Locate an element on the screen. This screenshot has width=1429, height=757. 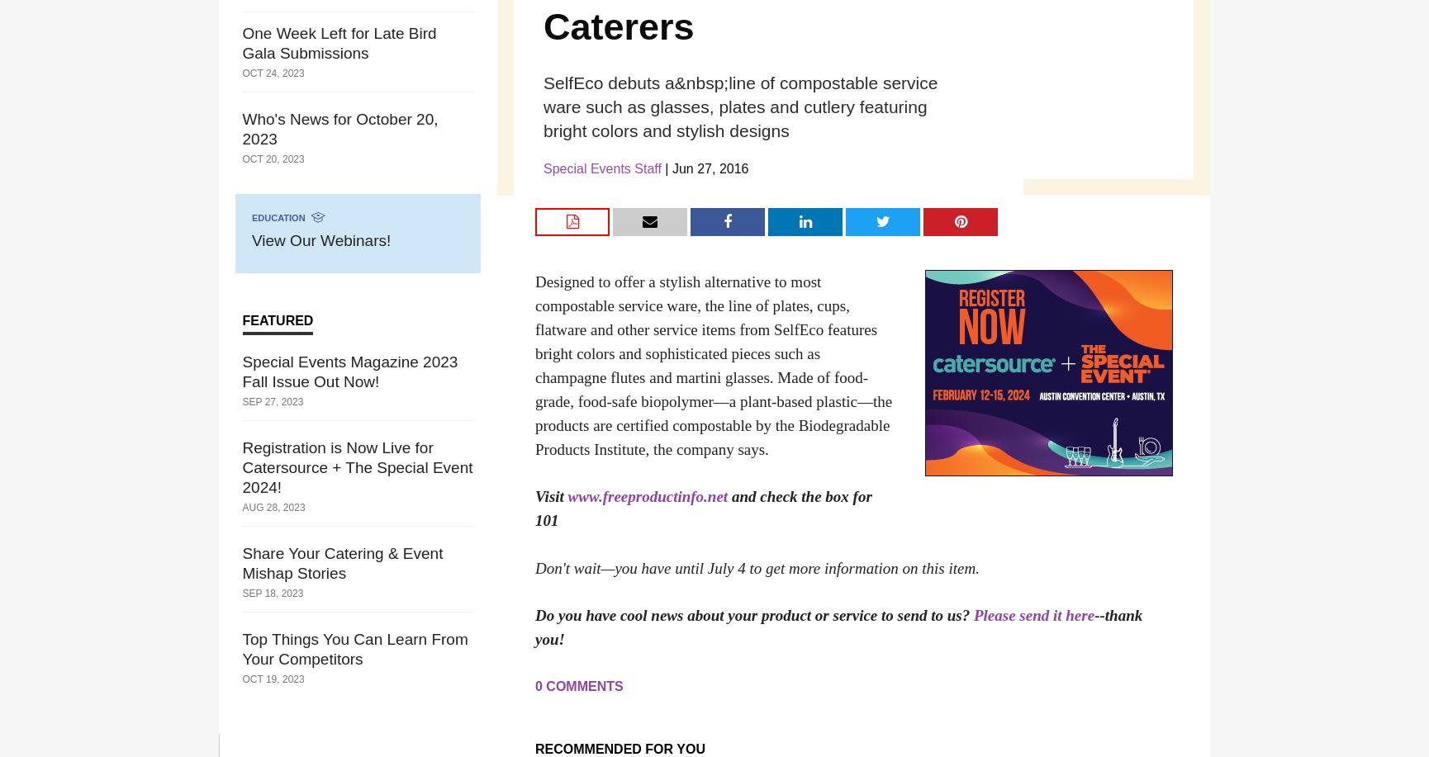
'0 comments' is located at coordinates (578, 686).